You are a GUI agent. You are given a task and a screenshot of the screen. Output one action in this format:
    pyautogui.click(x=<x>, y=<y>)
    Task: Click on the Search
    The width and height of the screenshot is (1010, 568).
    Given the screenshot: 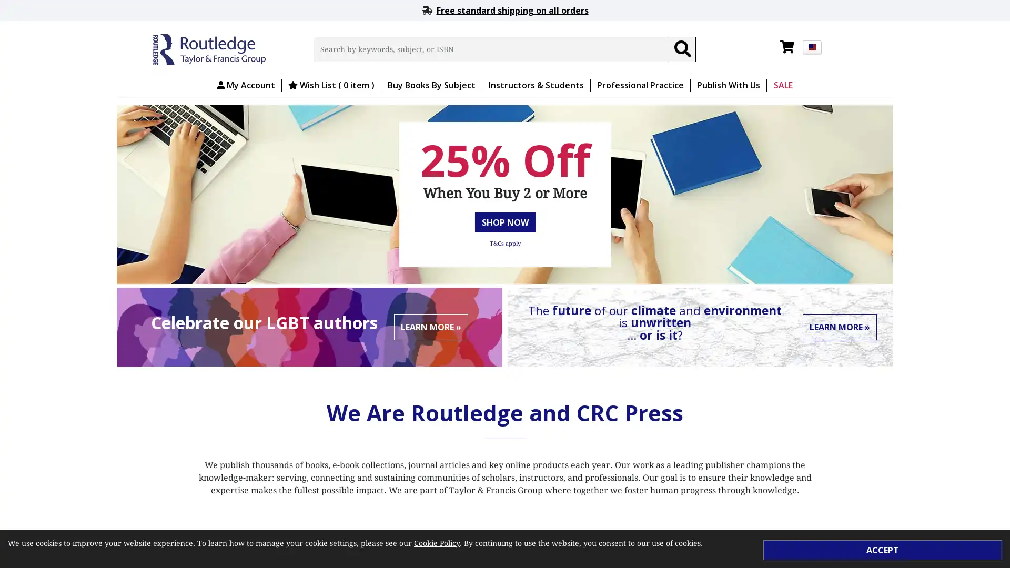 What is the action you would take?
    pyautogui.click(x=682, y=49)
    